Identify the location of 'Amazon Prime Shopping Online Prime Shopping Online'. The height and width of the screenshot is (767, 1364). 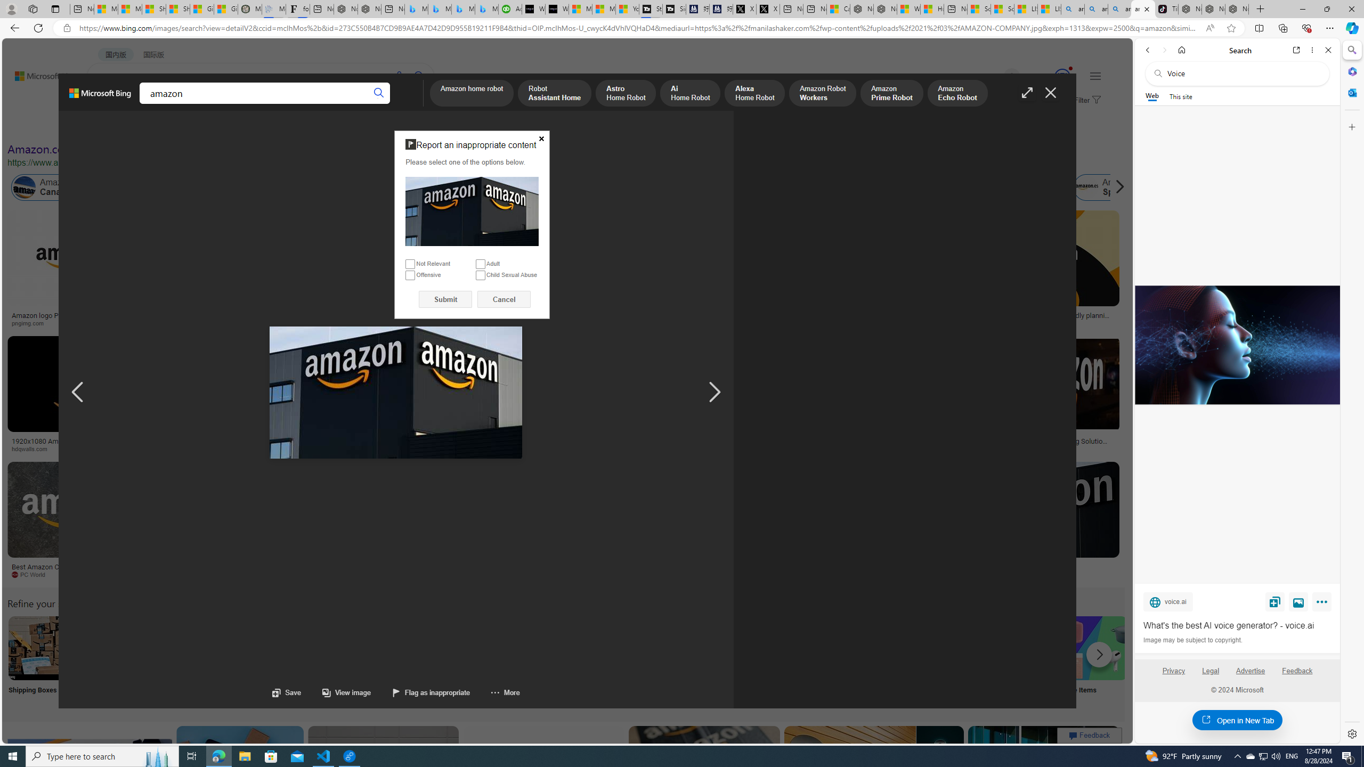
(884, 661).